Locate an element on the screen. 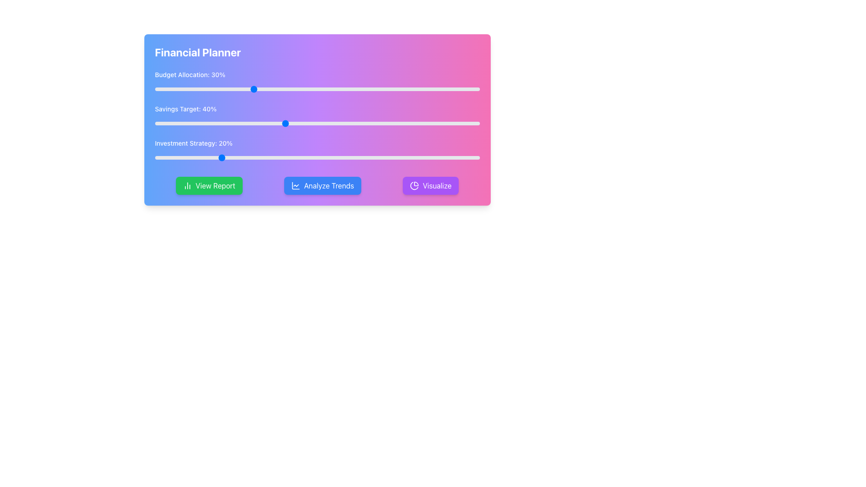 The height and width of the screenshot is (487, 866). the savings target percentage is located at coordinates (363, 123).